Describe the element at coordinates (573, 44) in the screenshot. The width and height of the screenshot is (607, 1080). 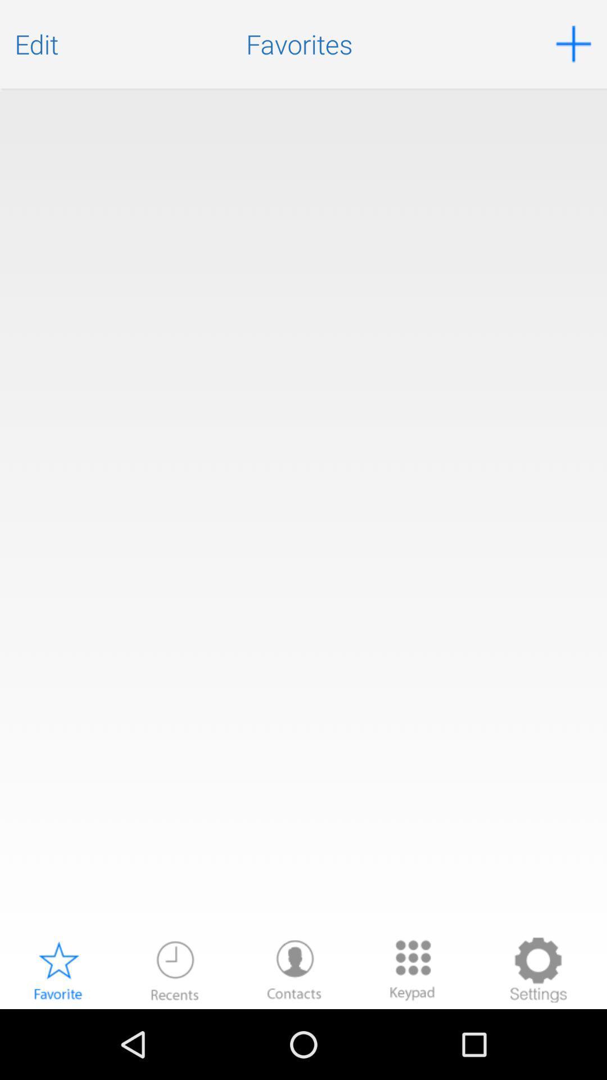
I see `app at the top right corner` at that location.